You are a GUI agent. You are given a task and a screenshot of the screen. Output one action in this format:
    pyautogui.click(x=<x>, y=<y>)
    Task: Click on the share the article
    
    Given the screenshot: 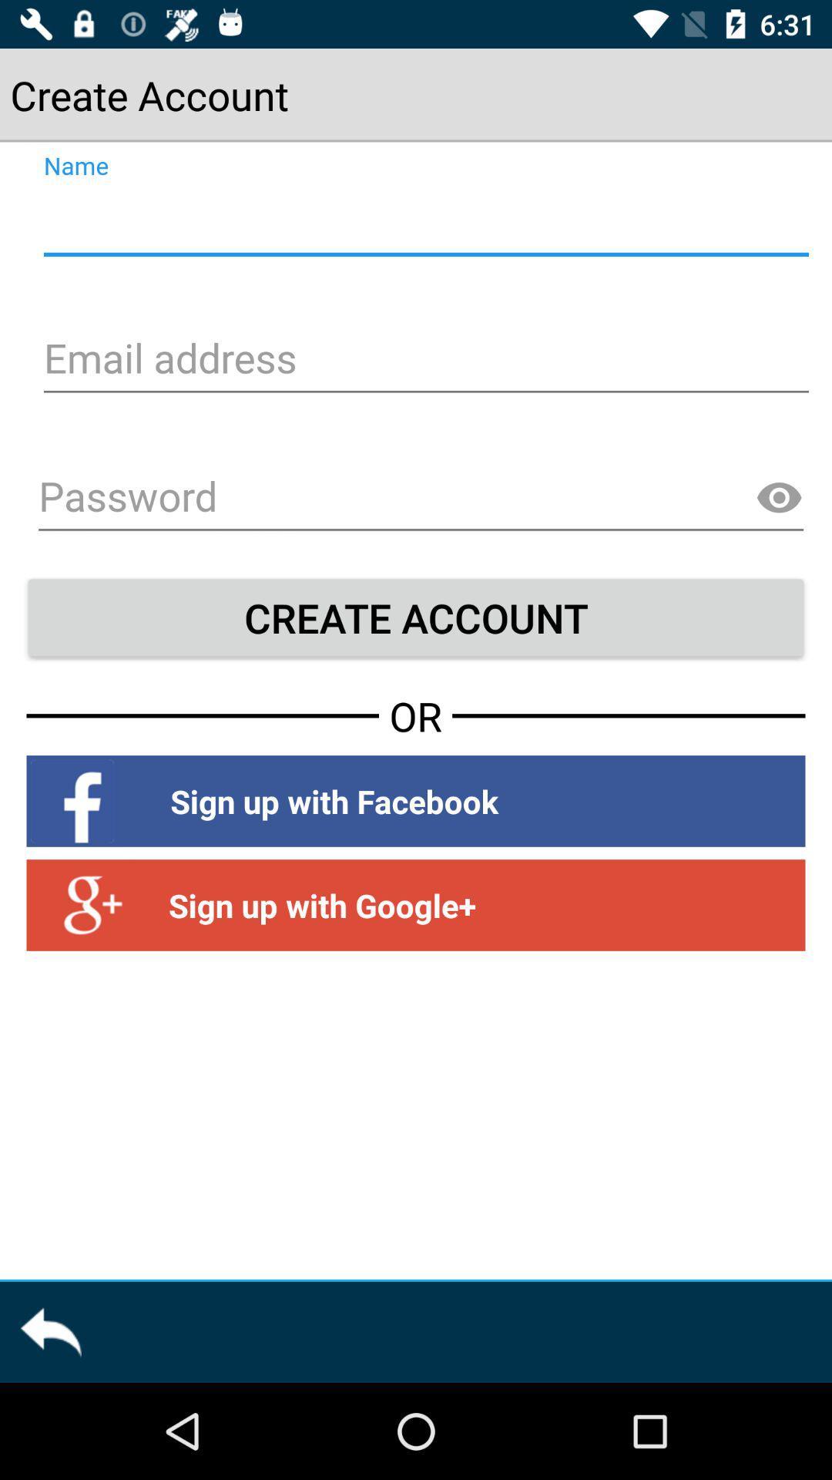 What is the action you would take?
    pyautogui.click(x=49, y=1331)
    